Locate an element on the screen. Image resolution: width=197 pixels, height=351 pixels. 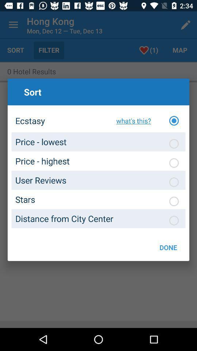
sort by distance to city center is located at coordinates (173, 220).